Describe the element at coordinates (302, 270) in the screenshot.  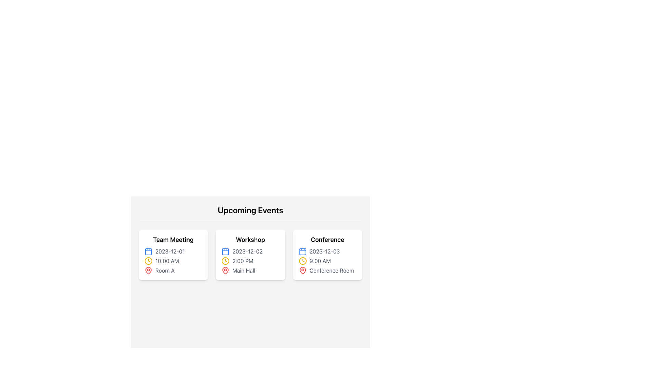
I see `the red location pin icon within the 'Conference' event card` at that location.